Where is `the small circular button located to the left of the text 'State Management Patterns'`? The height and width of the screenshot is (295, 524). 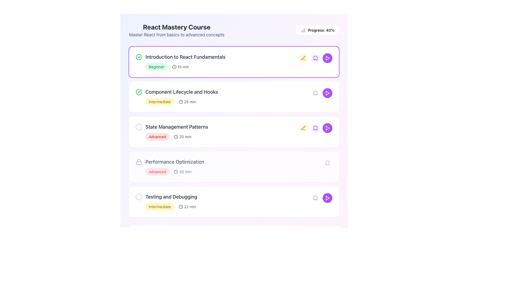 the small circular button located to the left of the text 'State Management Patterns' is located at coordinates (139, 127).